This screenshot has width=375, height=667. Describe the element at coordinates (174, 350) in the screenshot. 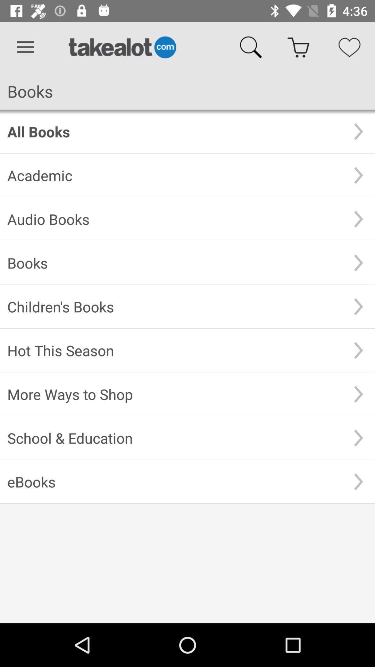

I see `the item below the children's books` at that location.